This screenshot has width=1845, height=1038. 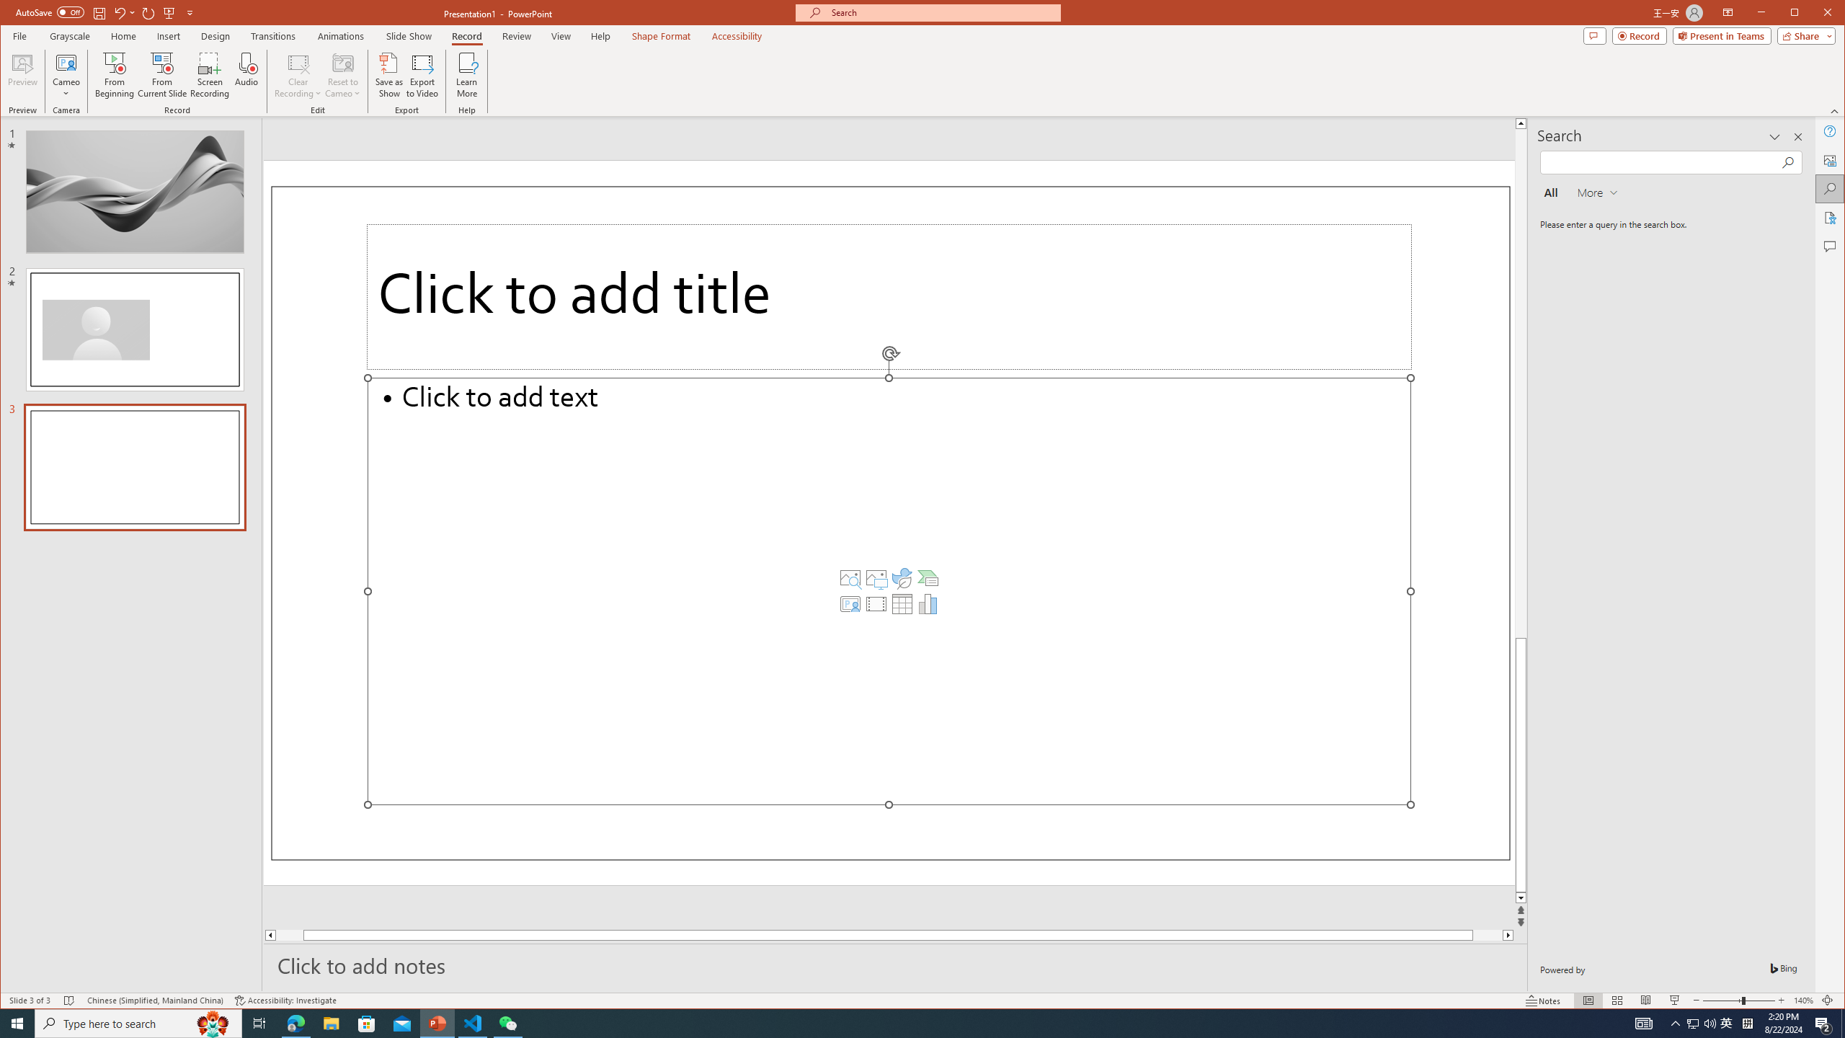 What do you see at coordinates (1616, 1000) in the screenshot?
I see `'Slide Sorter'` at bounding box center [1616, 1000].